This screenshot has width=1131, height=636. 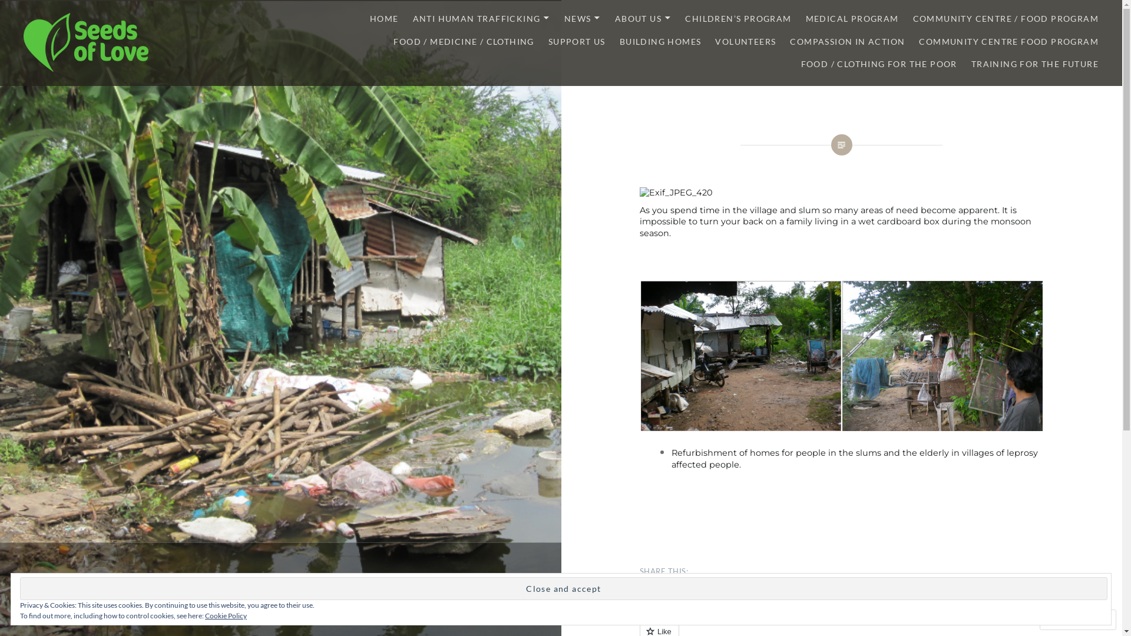 What do you see at coordinates (577, 41) in the screenshot?
I see `'SUPPORT US'` at bounding box center [577, 41].